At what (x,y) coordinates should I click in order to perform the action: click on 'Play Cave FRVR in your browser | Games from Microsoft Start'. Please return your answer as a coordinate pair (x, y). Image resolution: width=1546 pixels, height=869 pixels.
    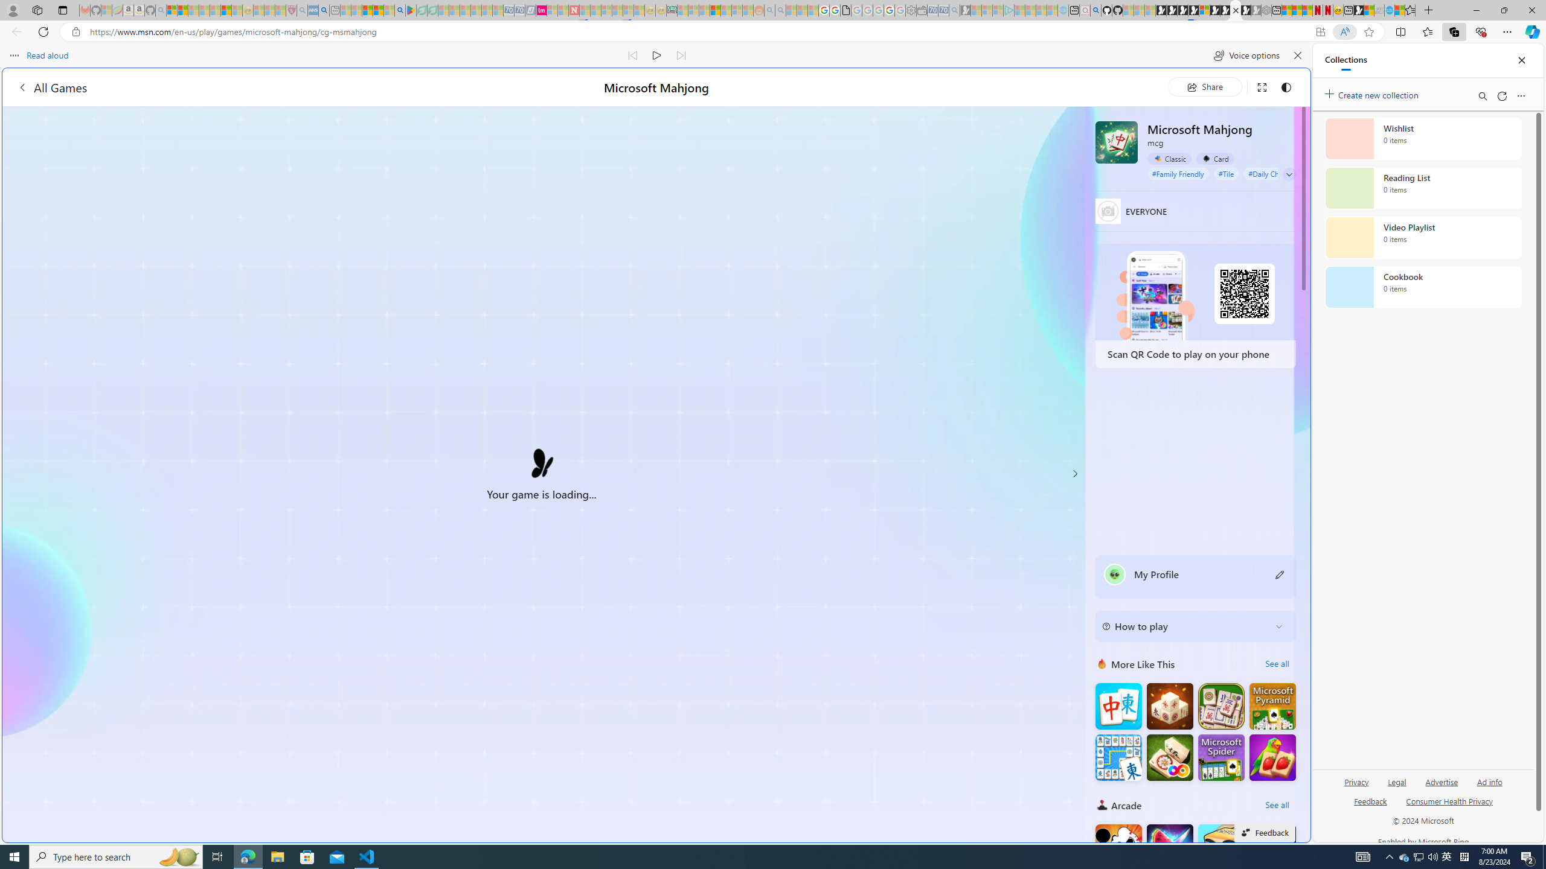
    Looking at the image, I should click on (1182, 10).